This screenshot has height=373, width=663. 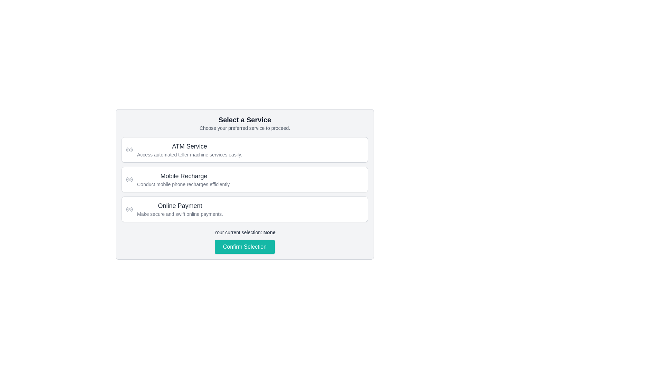 What do you see at coordinates (129, 179) in the screenshot?
I see `the 'Mobile Recharge' icon located in the left section of the 'Mobile Recharge' list entry, which is the first graphical element next to the title text` at bounding box center [129, 179].